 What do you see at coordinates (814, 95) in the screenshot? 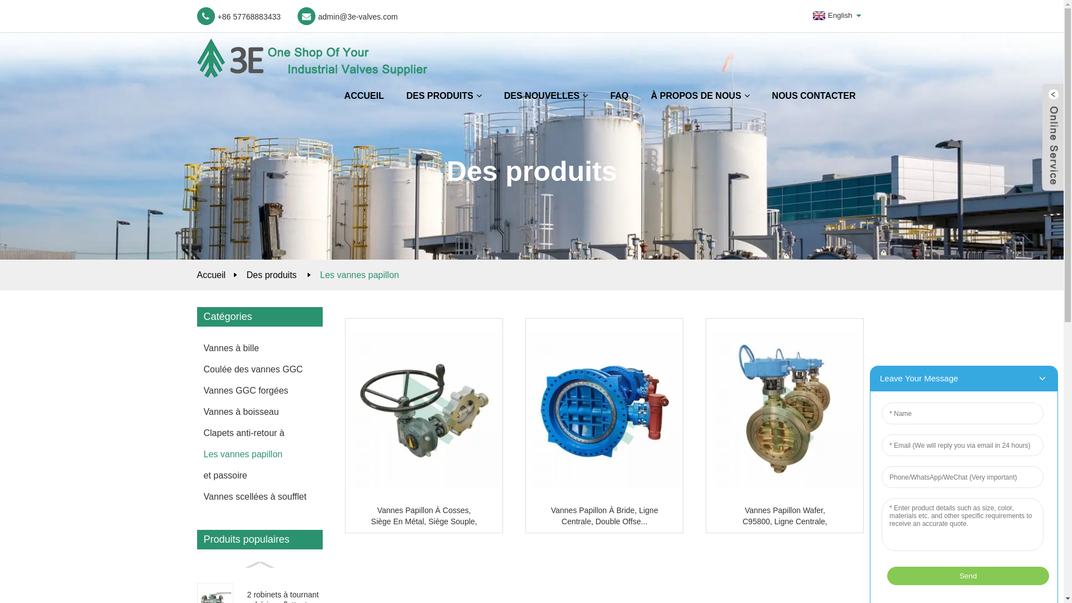
I see `'NOUS CONTACTER'` at bounding box center [814, 95].